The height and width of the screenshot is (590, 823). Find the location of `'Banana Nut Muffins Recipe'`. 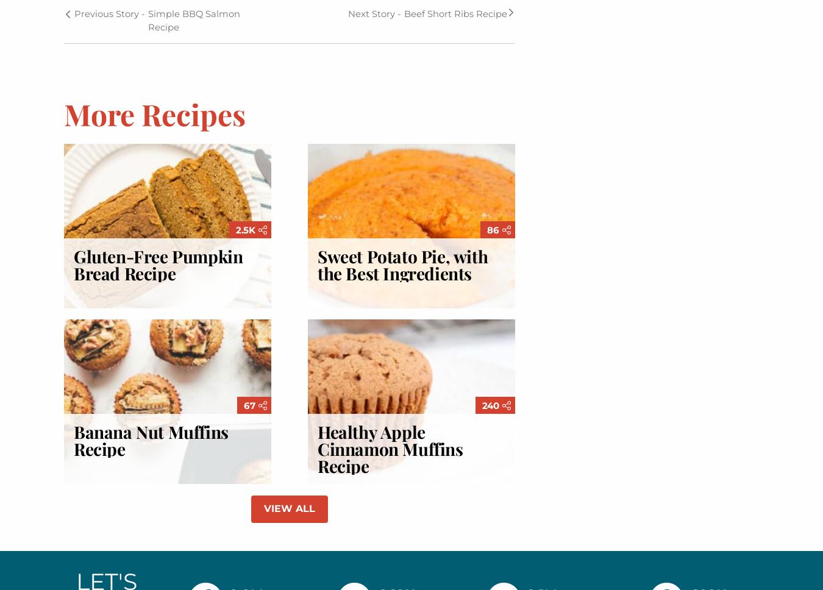

'Banana Nut Muffins Recipe' is located at coordinates (150, 439).